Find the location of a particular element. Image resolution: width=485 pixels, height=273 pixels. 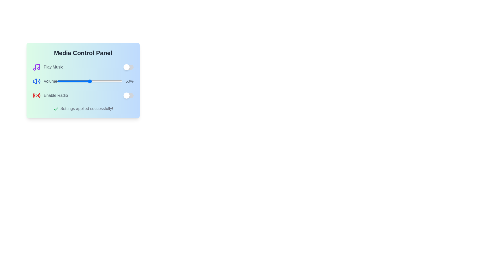

the slider is located at coordinates (72, 81).